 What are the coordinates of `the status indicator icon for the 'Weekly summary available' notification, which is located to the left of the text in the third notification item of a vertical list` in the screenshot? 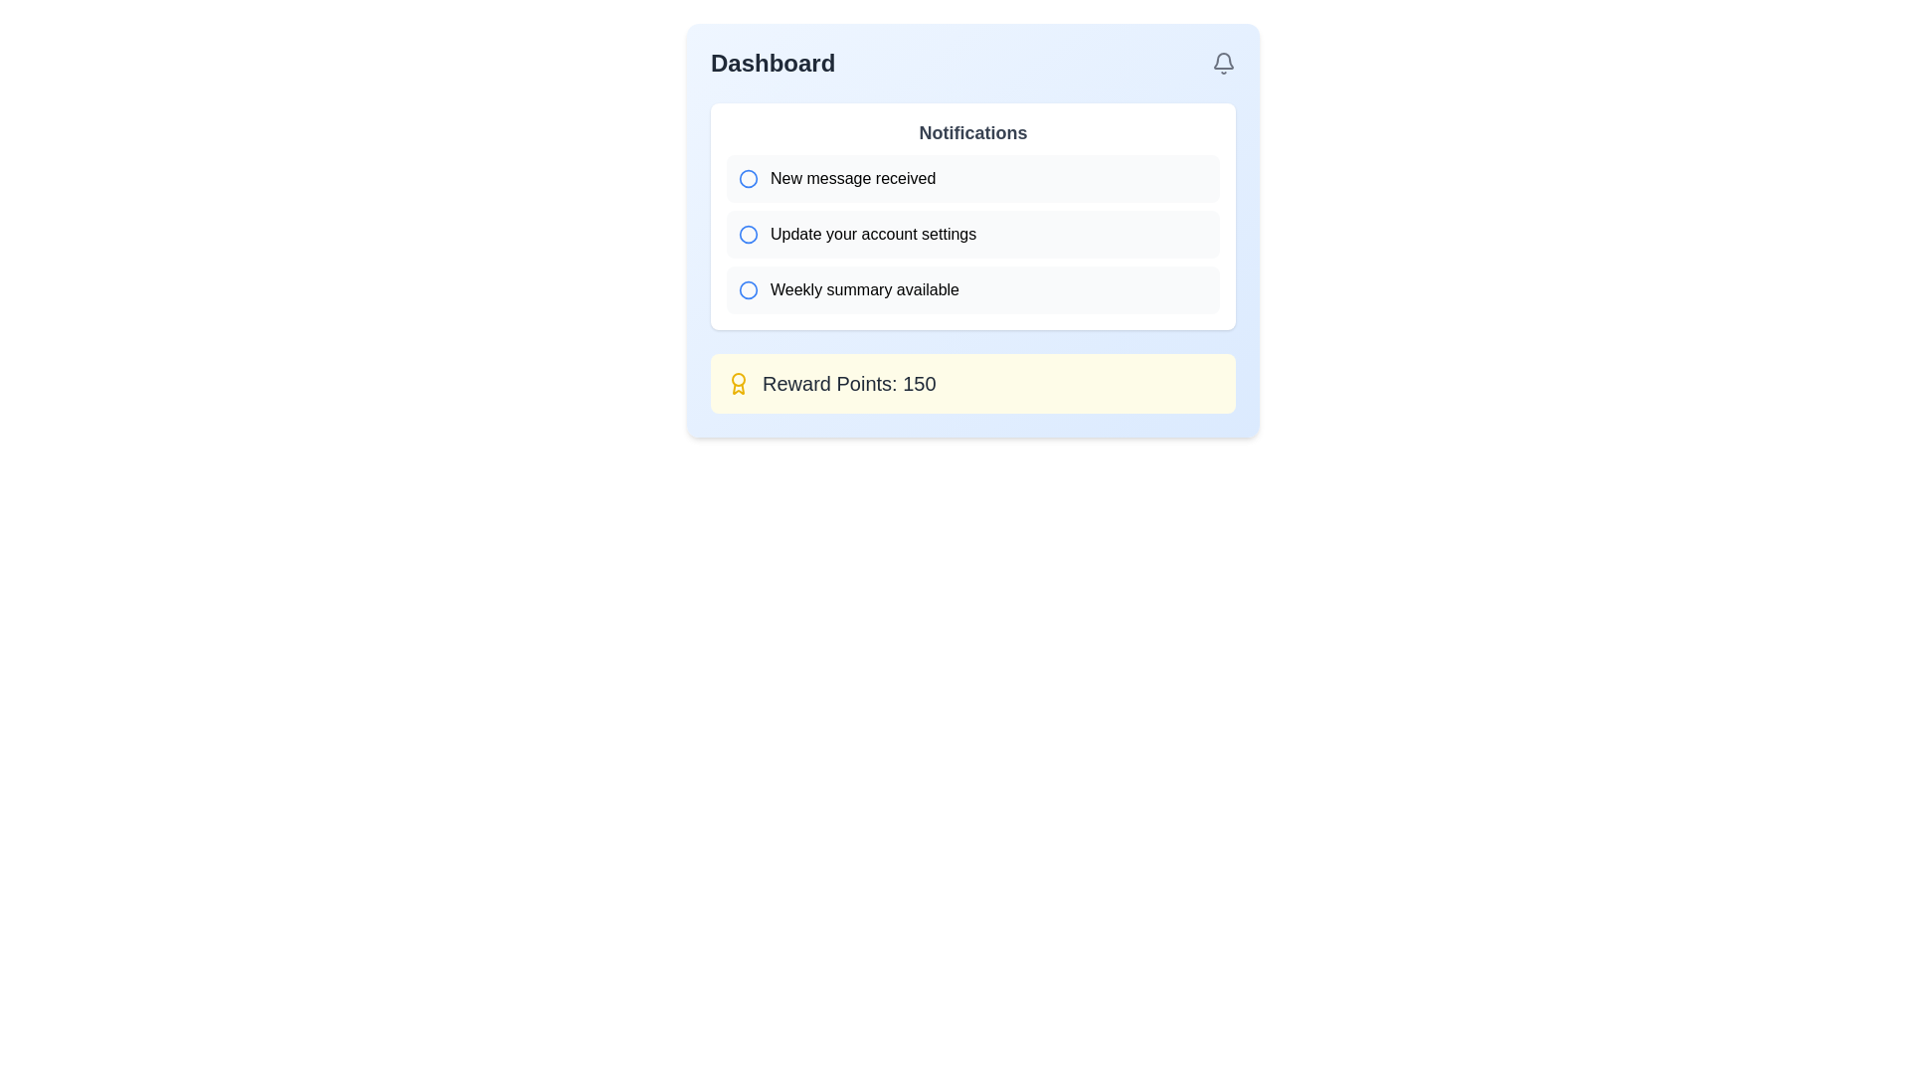 It's located at (748, 290).